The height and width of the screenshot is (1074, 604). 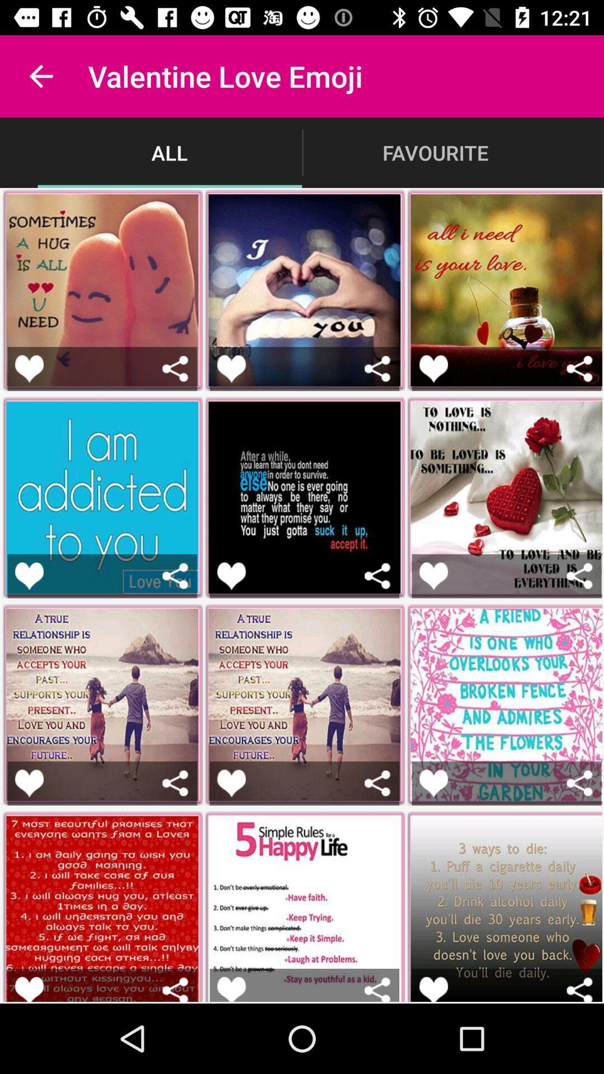 I want to click on heart the picture, so click(x=433, y=369).